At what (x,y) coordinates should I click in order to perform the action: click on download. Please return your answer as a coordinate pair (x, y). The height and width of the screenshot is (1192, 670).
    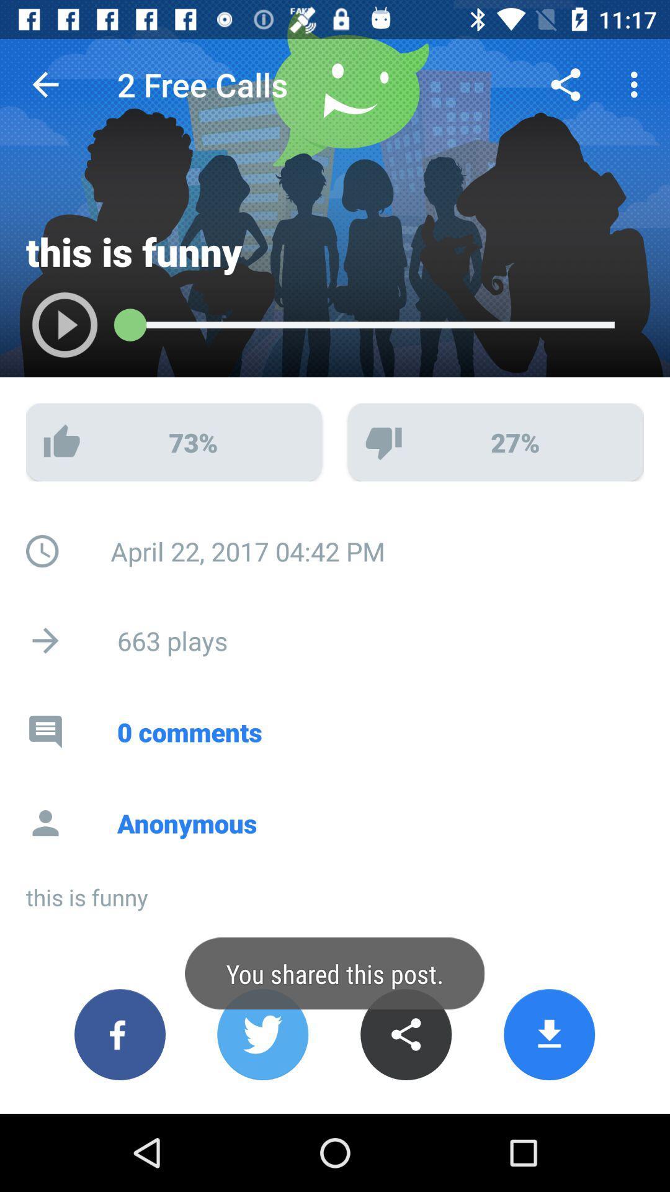
    Looking at the image, I should click on (548, 1034).